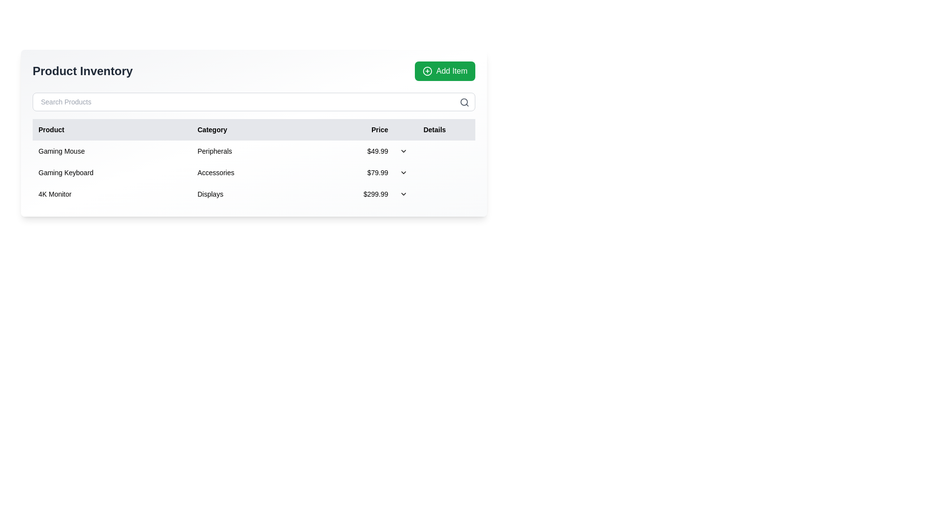 The height and width of the screenshot is (527, 936). Describe the element at coordinates (434, 194) in the screenshot. I see `the dropdown toggle arrow in the last column labeled 'Details' for the '4K Monitor' product` at that location.